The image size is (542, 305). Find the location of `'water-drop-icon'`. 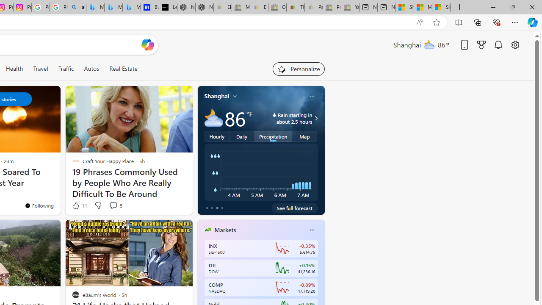

'water-drop-icon' is located at coordinates (274, 114).